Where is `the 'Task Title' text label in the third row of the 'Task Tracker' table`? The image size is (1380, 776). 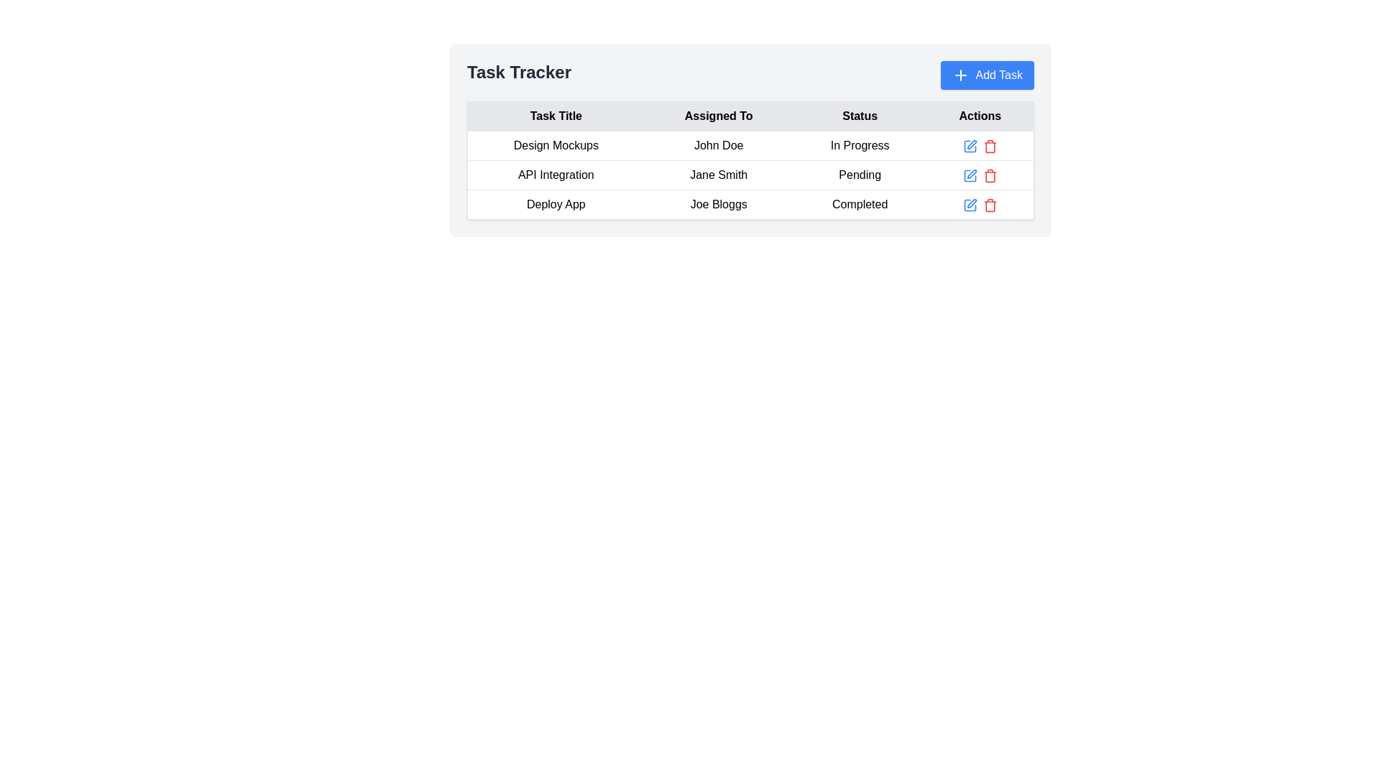
the 'Task Title' text label in the third row of the 'Task Tracker' table is located at coordinates (555, 205).